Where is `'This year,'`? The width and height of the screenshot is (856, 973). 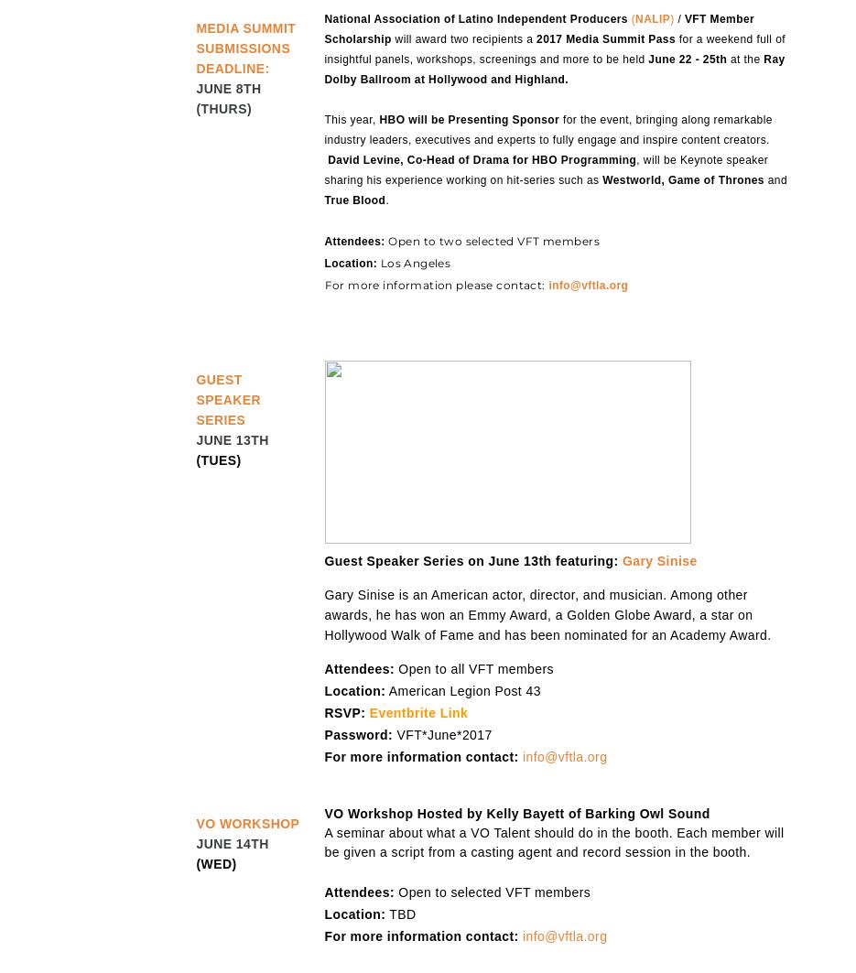
'This year,' is located at coordinates (352, 119).